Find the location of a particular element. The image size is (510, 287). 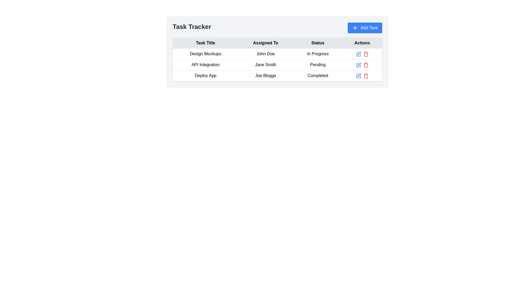

the leftmost button is located at coordinates (358, 54).